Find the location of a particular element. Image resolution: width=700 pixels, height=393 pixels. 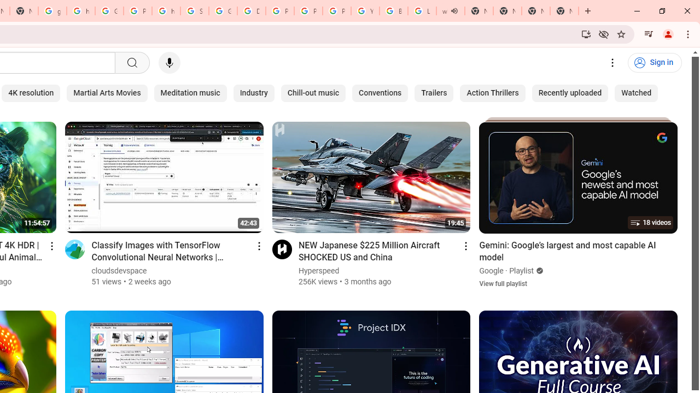

'YouTube' is located at coordinates (365, 11).